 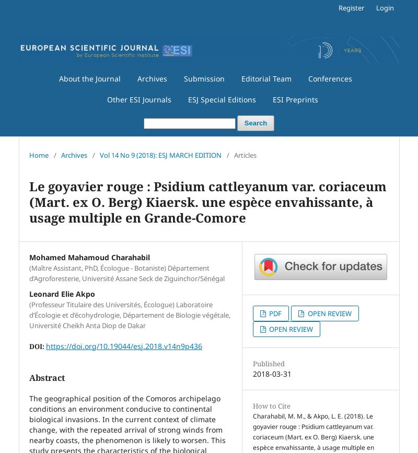 I want to click on 'Vol 14 No 9 (2018): ESJ MARCH EDITION', so click(x=160, y=154).